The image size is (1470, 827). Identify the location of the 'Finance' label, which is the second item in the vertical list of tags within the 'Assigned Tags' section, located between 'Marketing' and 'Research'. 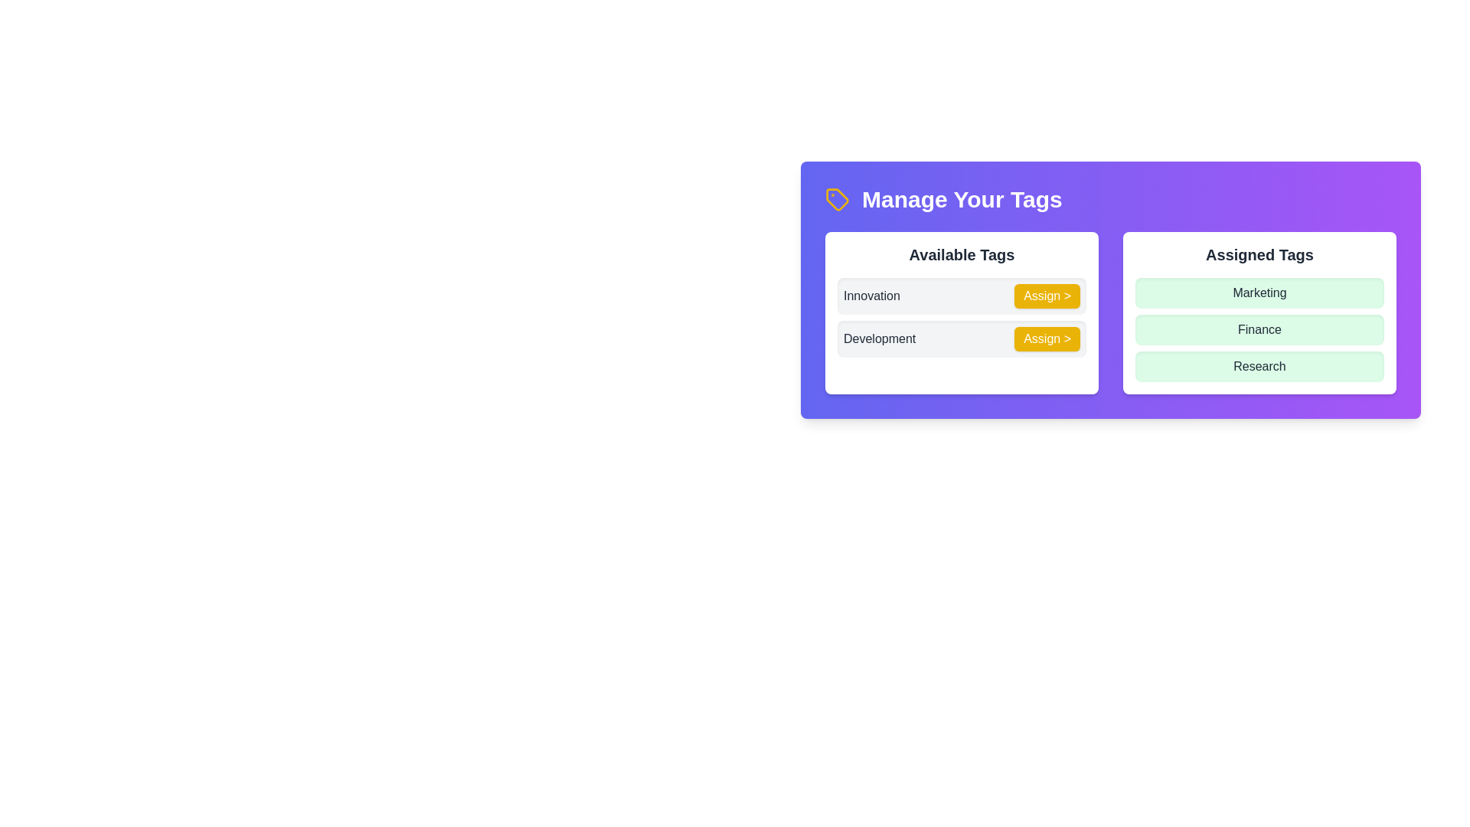
(1259, 329).